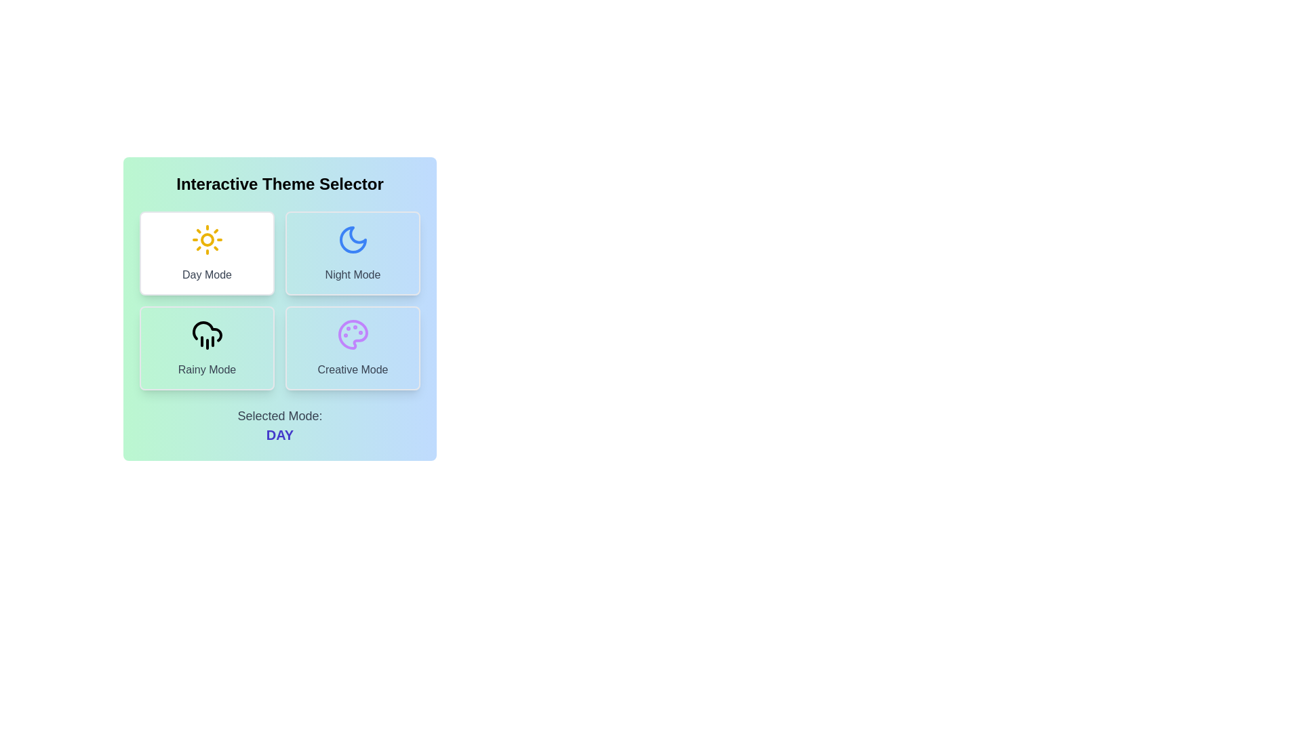 The width and height of the screenshot is (1302, 732). Describe the element at coordinates (206, 253) in the screenshot. I see `the Day Mode button to observe its hover effect` at that location.